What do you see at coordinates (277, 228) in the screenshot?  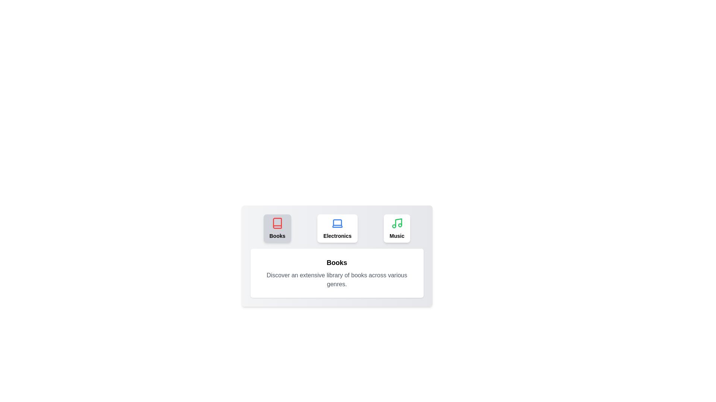 I see `the tab labeled Books` at bounding box center [277, 228].